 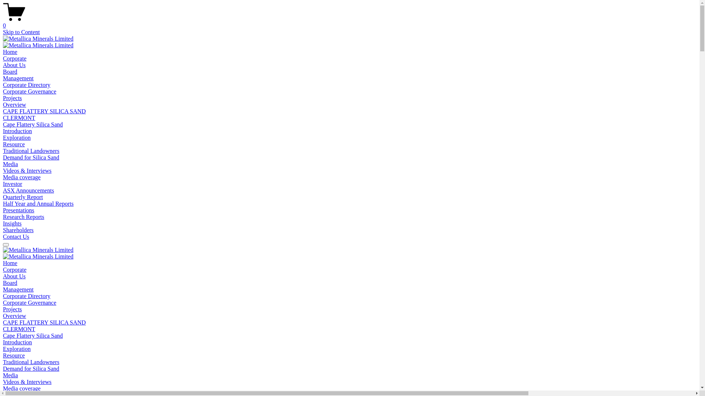 I want to click on '0', so click(x=349, y=22).